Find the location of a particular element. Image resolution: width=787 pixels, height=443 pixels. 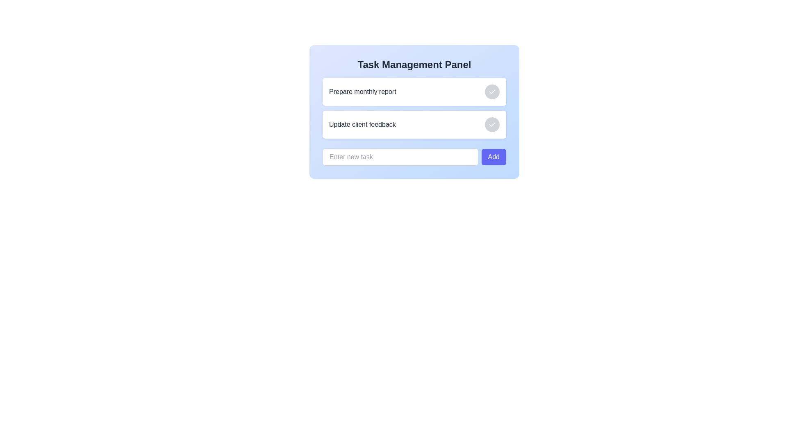

the 'Prepare monthly report' task display item in the Task Management Panel is located at coordinates (414, 91).